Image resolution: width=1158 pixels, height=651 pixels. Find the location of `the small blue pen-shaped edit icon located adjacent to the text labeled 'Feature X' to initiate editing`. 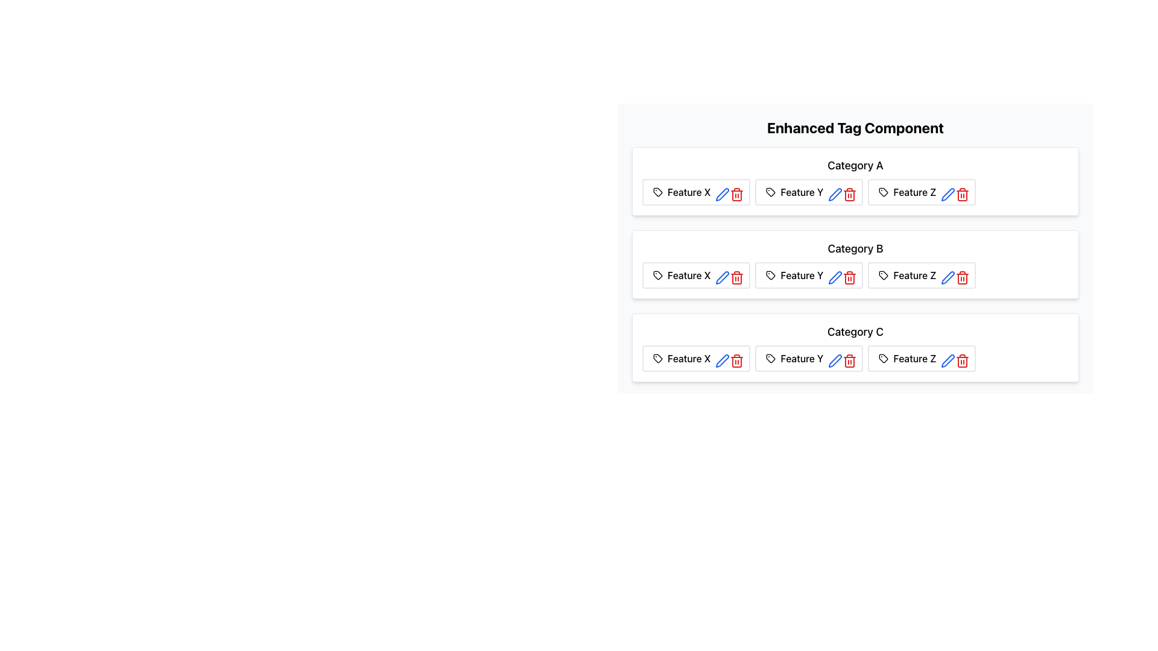

the small blue pen-shaped edit icon located adjacent to the text labeled 'Feature X' to initiate editing is located at coordinates (720, 275).